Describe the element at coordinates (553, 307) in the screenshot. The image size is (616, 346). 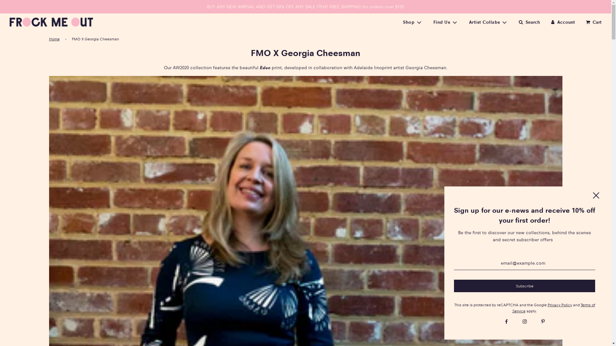
I see `'Terms of Service'` at that location.